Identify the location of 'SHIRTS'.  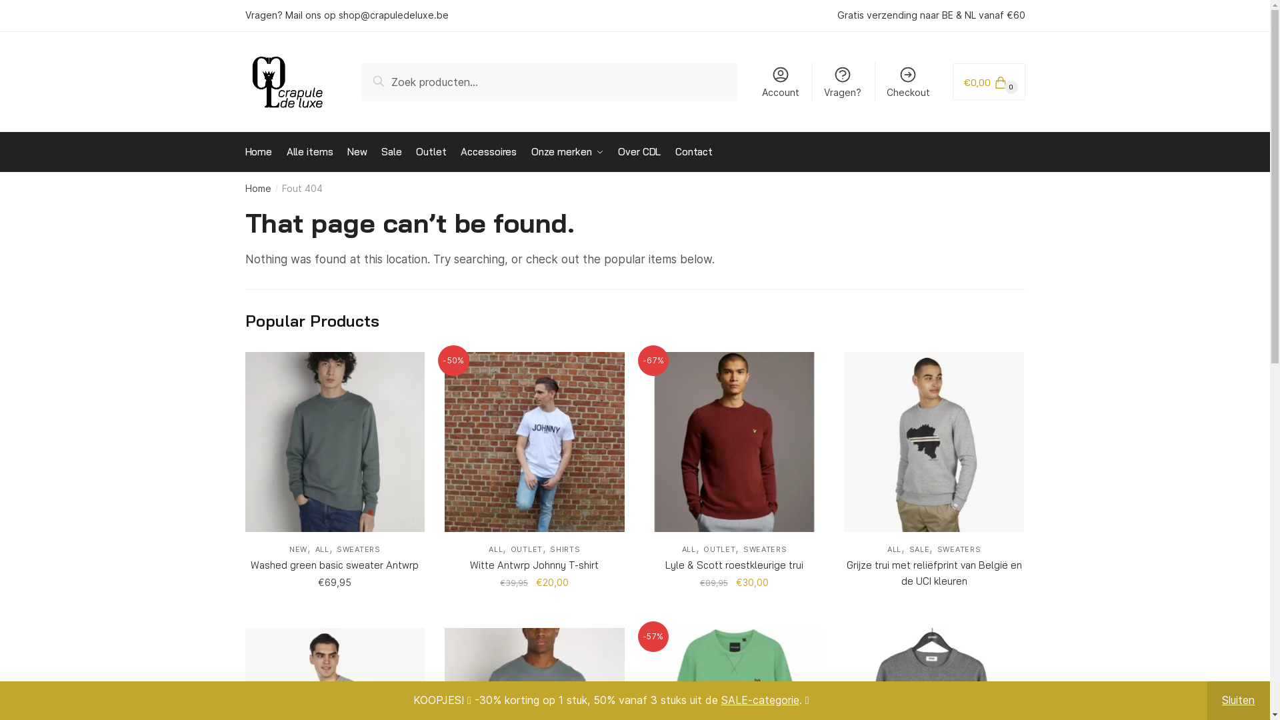
(565, 549).